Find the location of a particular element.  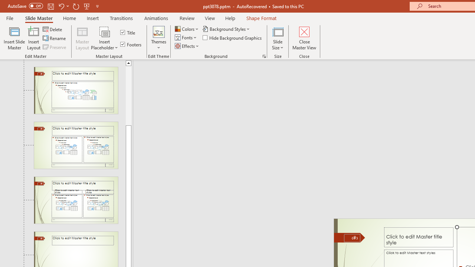

'Animations' is located at coordinates (156, 18).